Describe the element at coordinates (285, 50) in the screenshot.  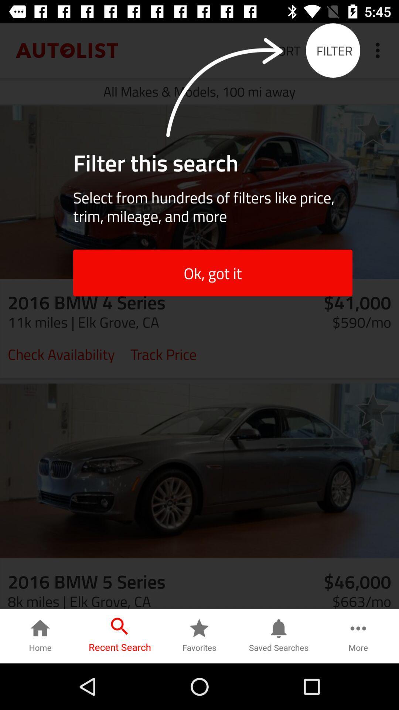
I see `the sort icon` at that location.